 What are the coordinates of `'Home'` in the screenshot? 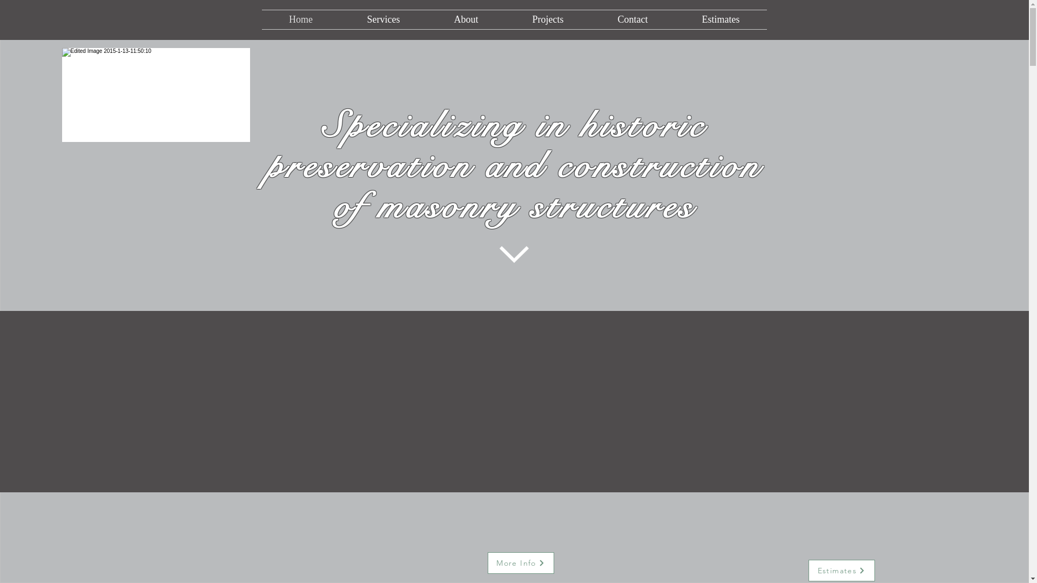 It's located at (300, 19).